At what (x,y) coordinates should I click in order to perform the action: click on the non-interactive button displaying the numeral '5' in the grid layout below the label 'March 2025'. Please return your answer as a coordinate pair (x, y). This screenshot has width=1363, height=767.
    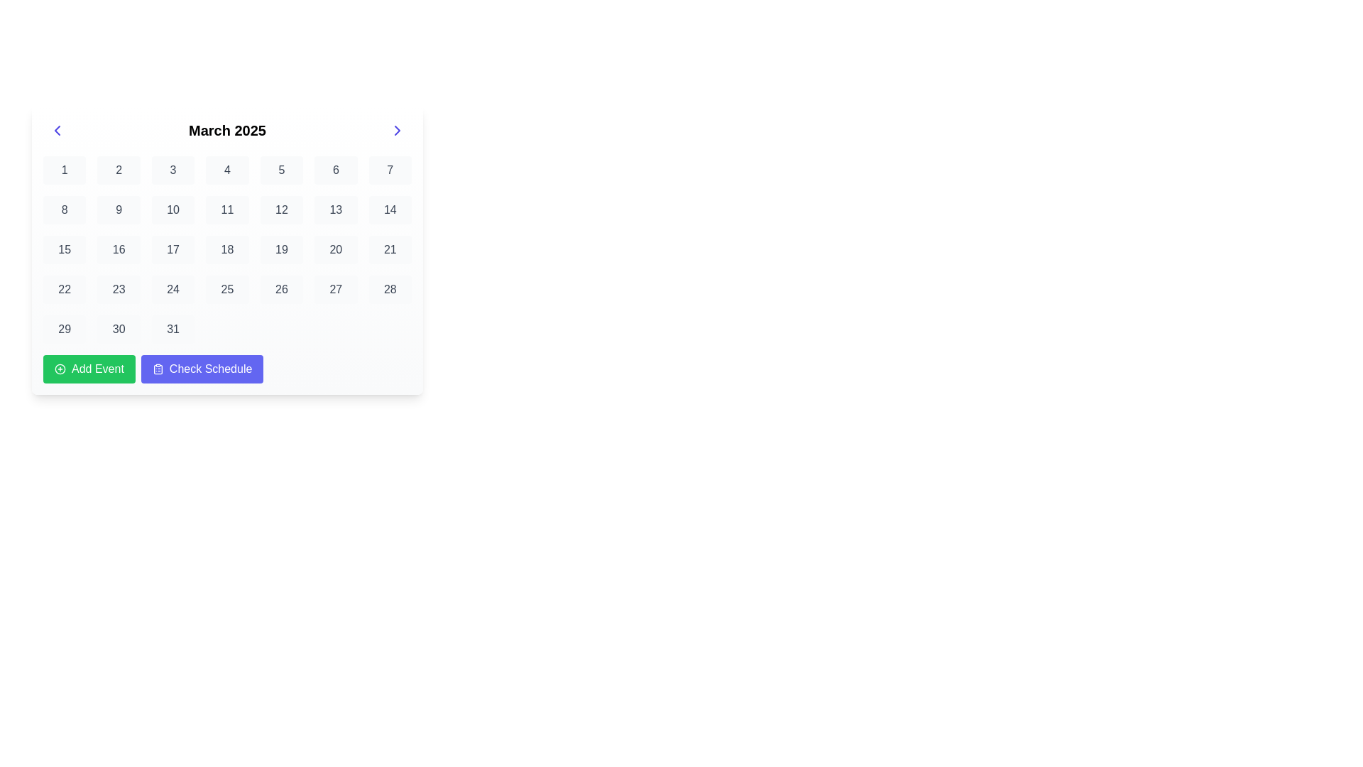
    Looking at the image, I should click on (281, 169).